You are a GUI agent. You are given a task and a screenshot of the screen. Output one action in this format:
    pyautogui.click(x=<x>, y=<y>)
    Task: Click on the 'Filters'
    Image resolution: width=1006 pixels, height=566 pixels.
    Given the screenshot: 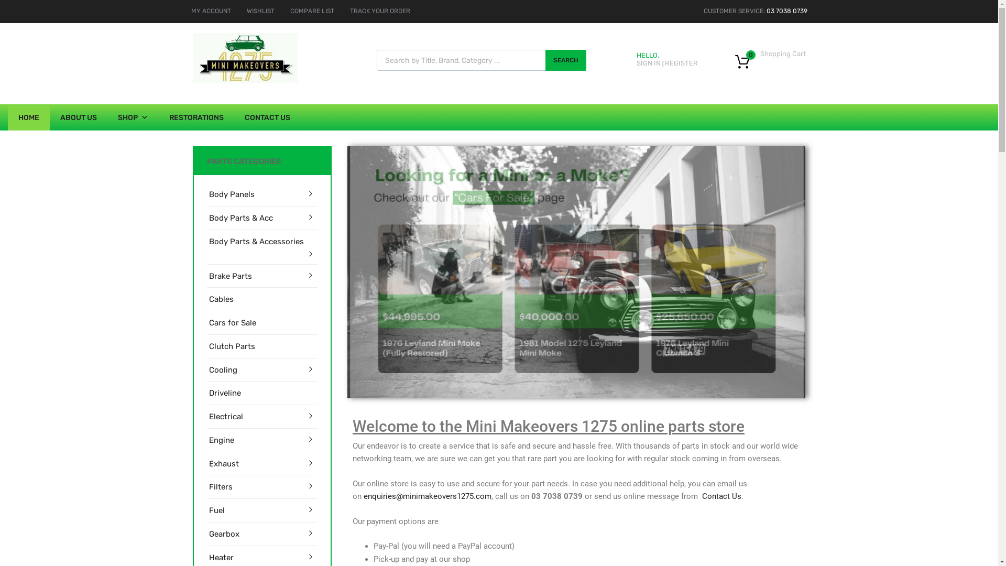 What is the action you would take?
    pyautogui.click(x=209, y=487)
    